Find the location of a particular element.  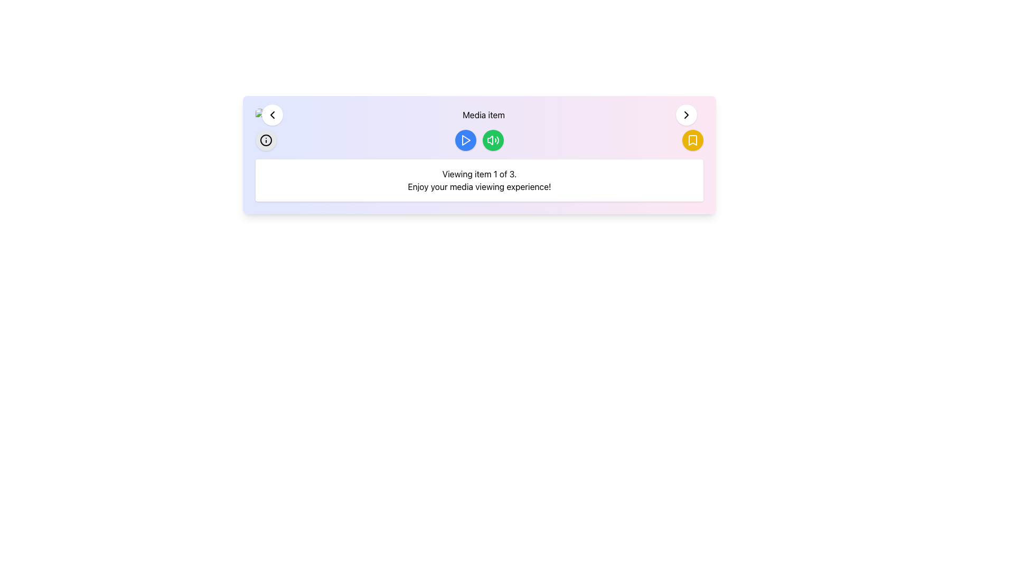

the circular blue play button with a white play icon at its center is located at coordinates (465, 140).